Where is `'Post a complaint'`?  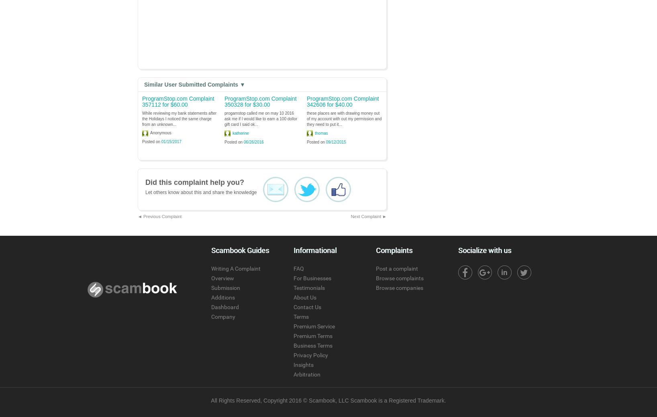 'Post a complaint' is located at coordinates (396, 268).